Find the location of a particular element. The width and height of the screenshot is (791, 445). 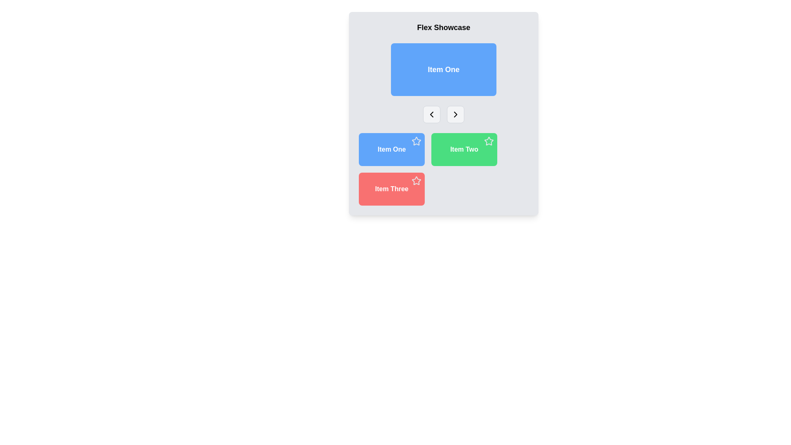

the star-shaped icon located in the light blue button labeled 'Item One', positioned at the top-left within the group of three buttons below the 'Flex Showcase' header is located at coordinates (417, 141).